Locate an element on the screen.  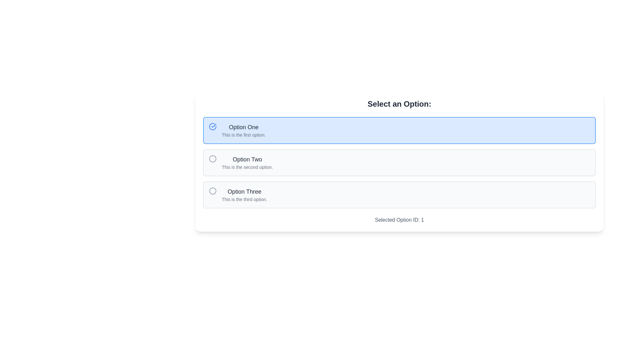
the text label displaying 'Option Two', which serves as the title for the second selectable option in the list is located at coordinates (247, 159).